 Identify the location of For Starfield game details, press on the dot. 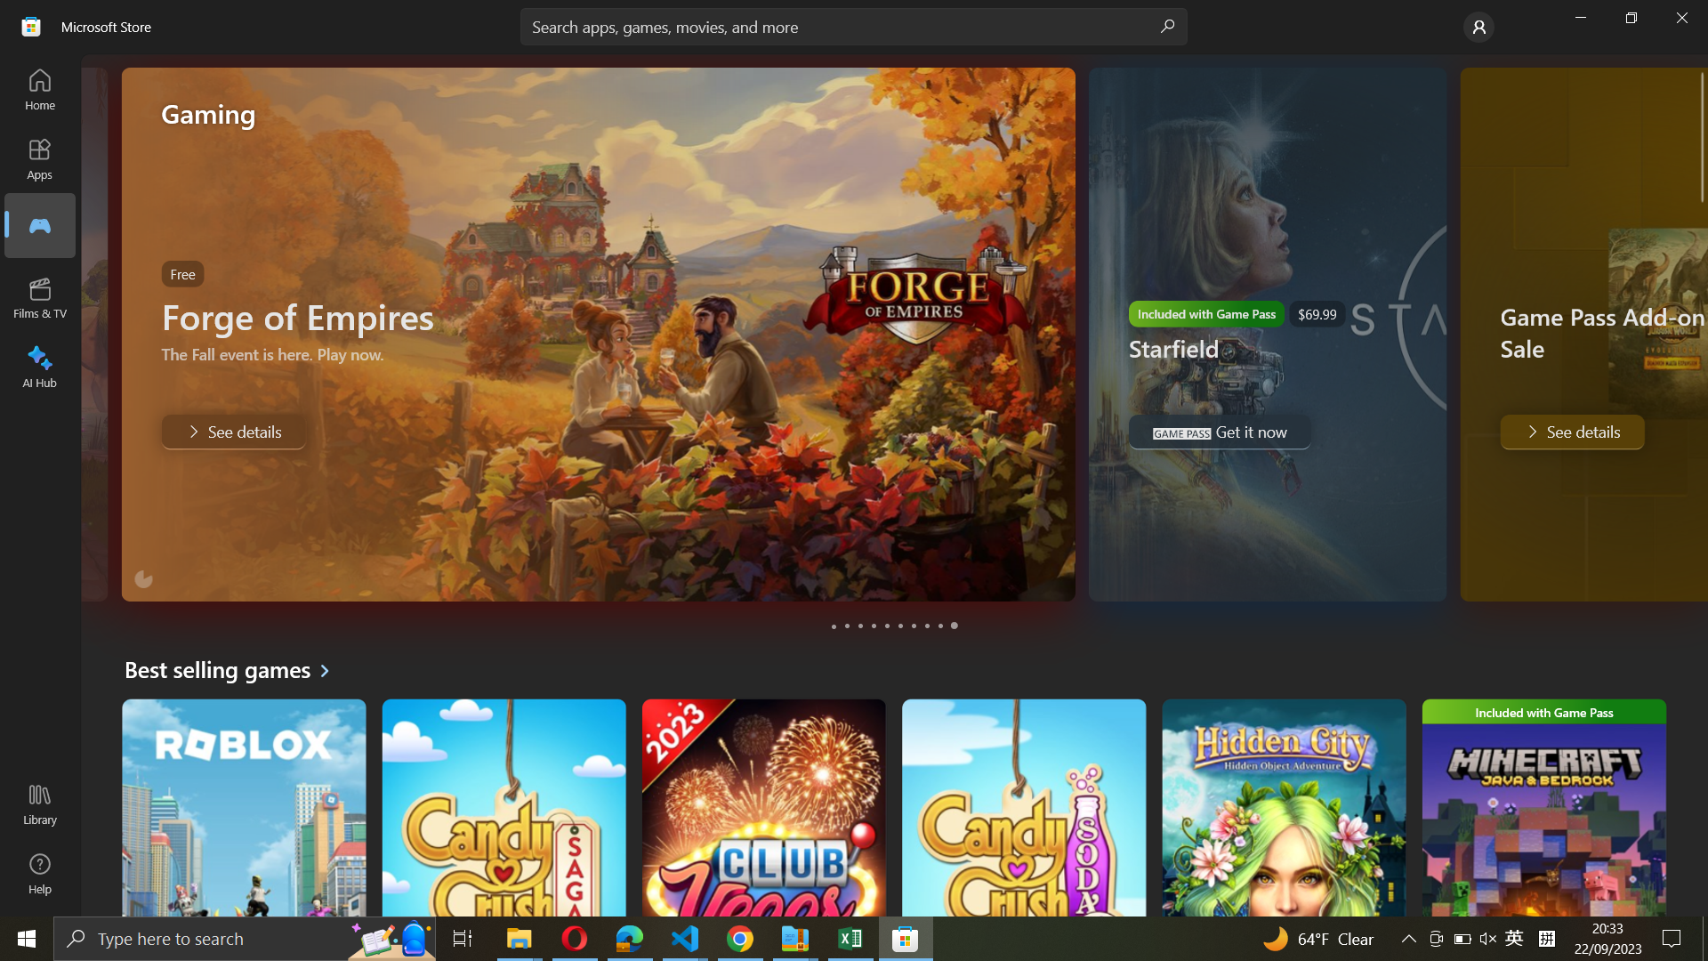
(847, 626).